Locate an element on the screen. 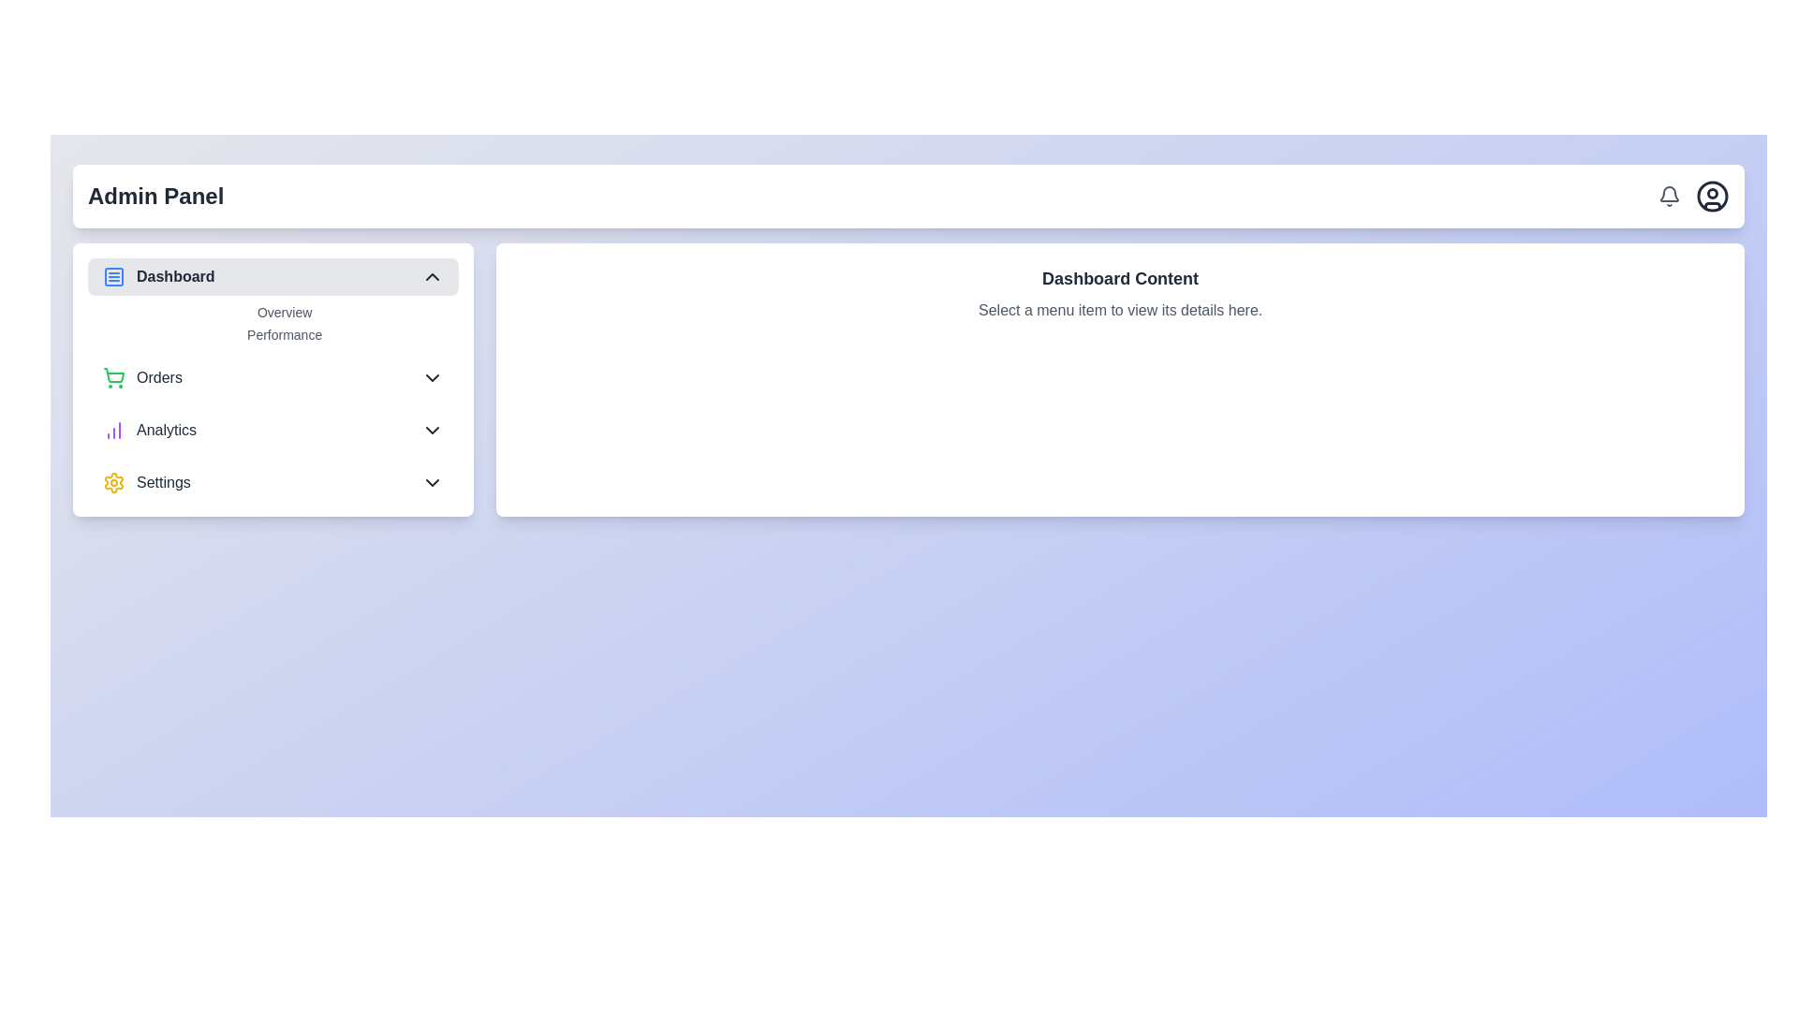  the 'Analytics' text label is located at coordinates (166, 430).